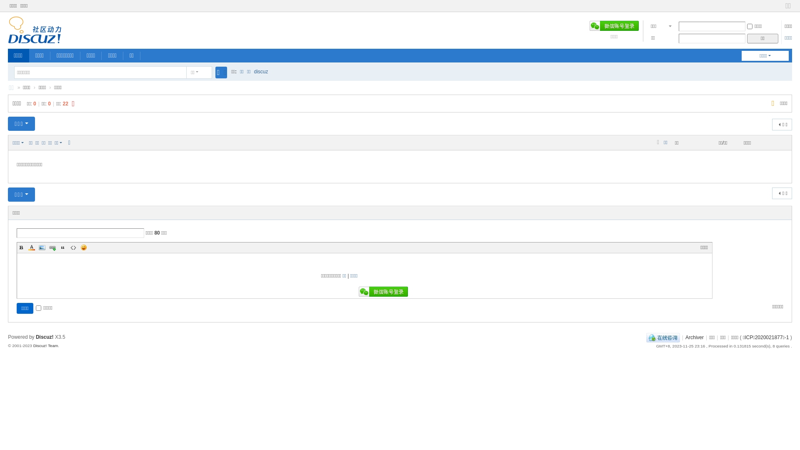  I want to click on 'discuz', so click(253, 71).